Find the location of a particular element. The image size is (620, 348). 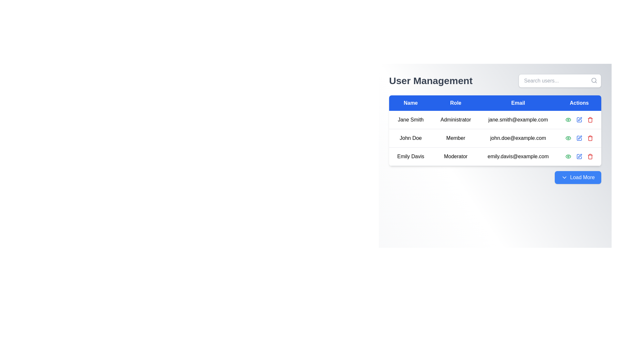

the text label displaying 'Emily Davis' is located at coordinates (410, 157).